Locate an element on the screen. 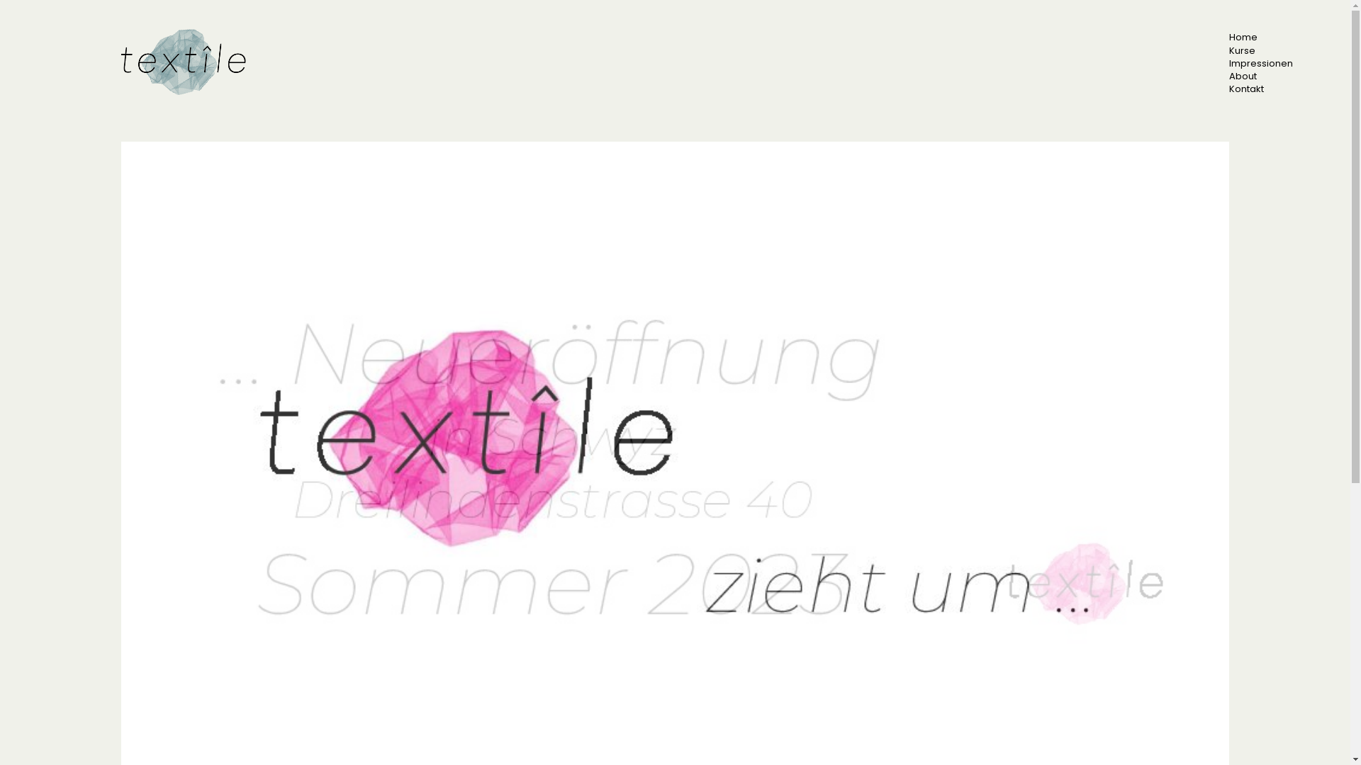 Image resolution: width=1361 pixels, height=765 pixels. 'Kontakt' is located at coordinates (1228, 89).